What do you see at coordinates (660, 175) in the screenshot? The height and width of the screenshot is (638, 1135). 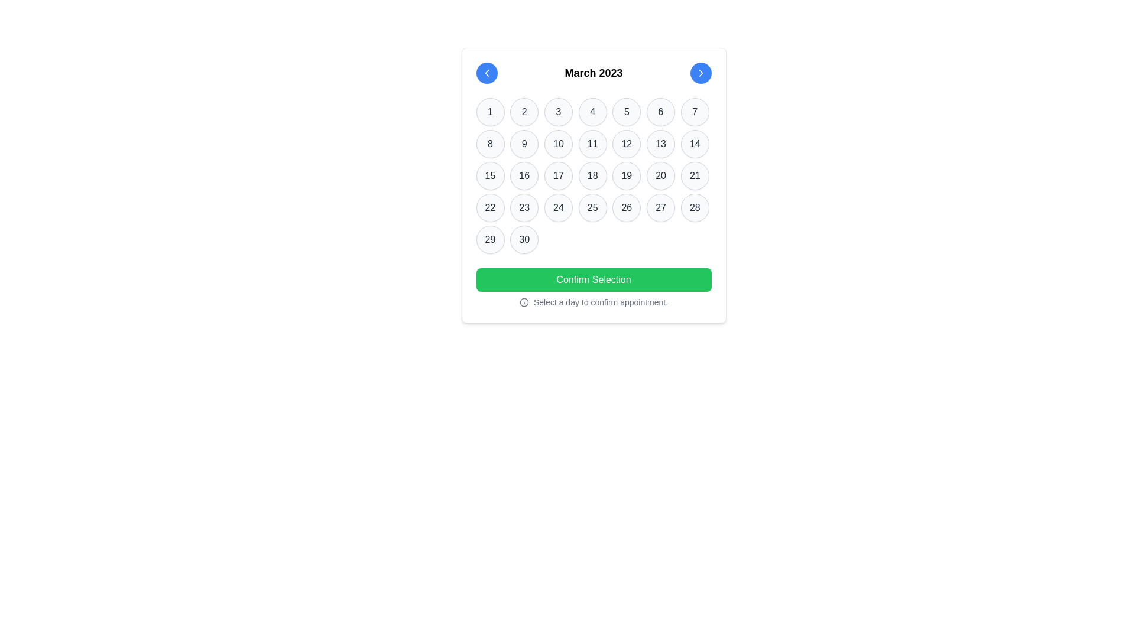 I see `the selectable day button for the 20th day in the calendar widget` at bounding box center [660, 175].